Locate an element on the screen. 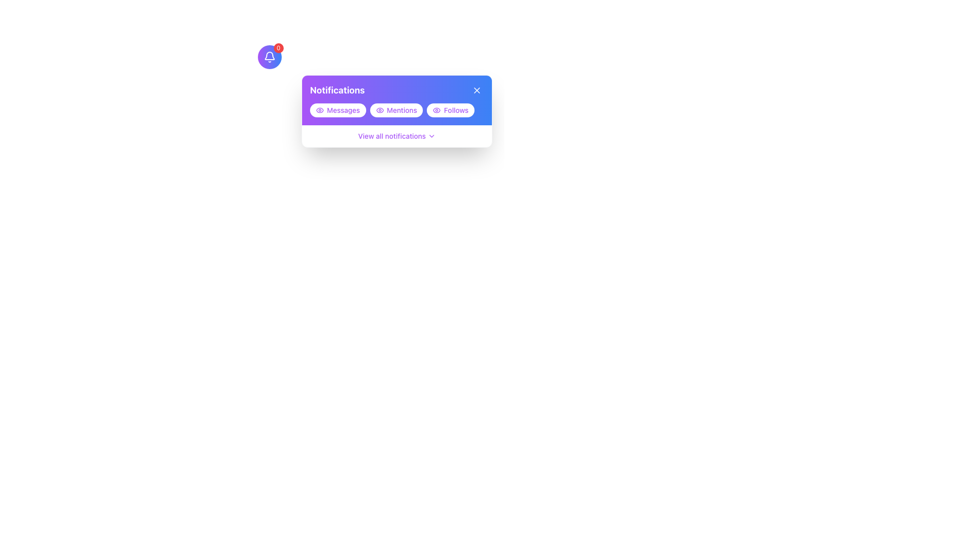  the 'Messages' button in the notifications panel to filter messages is located at coordinates (338, 110).